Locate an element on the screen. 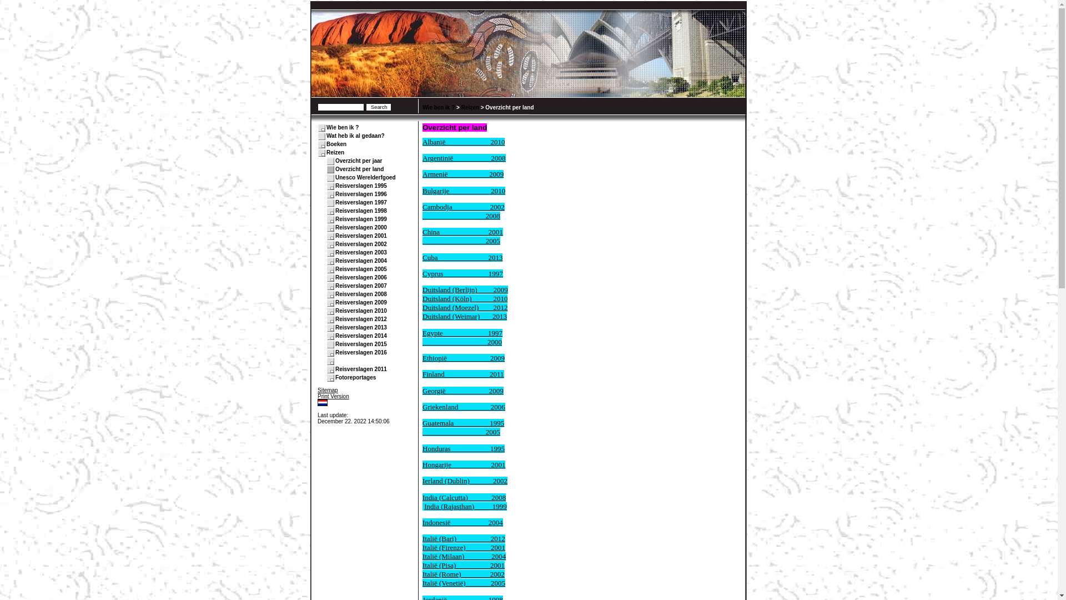  'Reisverslagen 1996' is located at coordinates (361, 193).